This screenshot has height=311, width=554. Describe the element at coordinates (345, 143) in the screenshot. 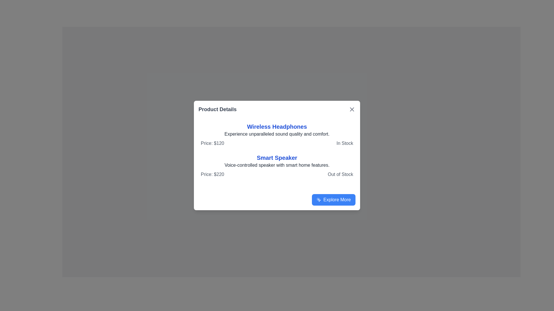

I see `availability status label located to the right of the 'Price: $120' text in the product information card layout` at that location.